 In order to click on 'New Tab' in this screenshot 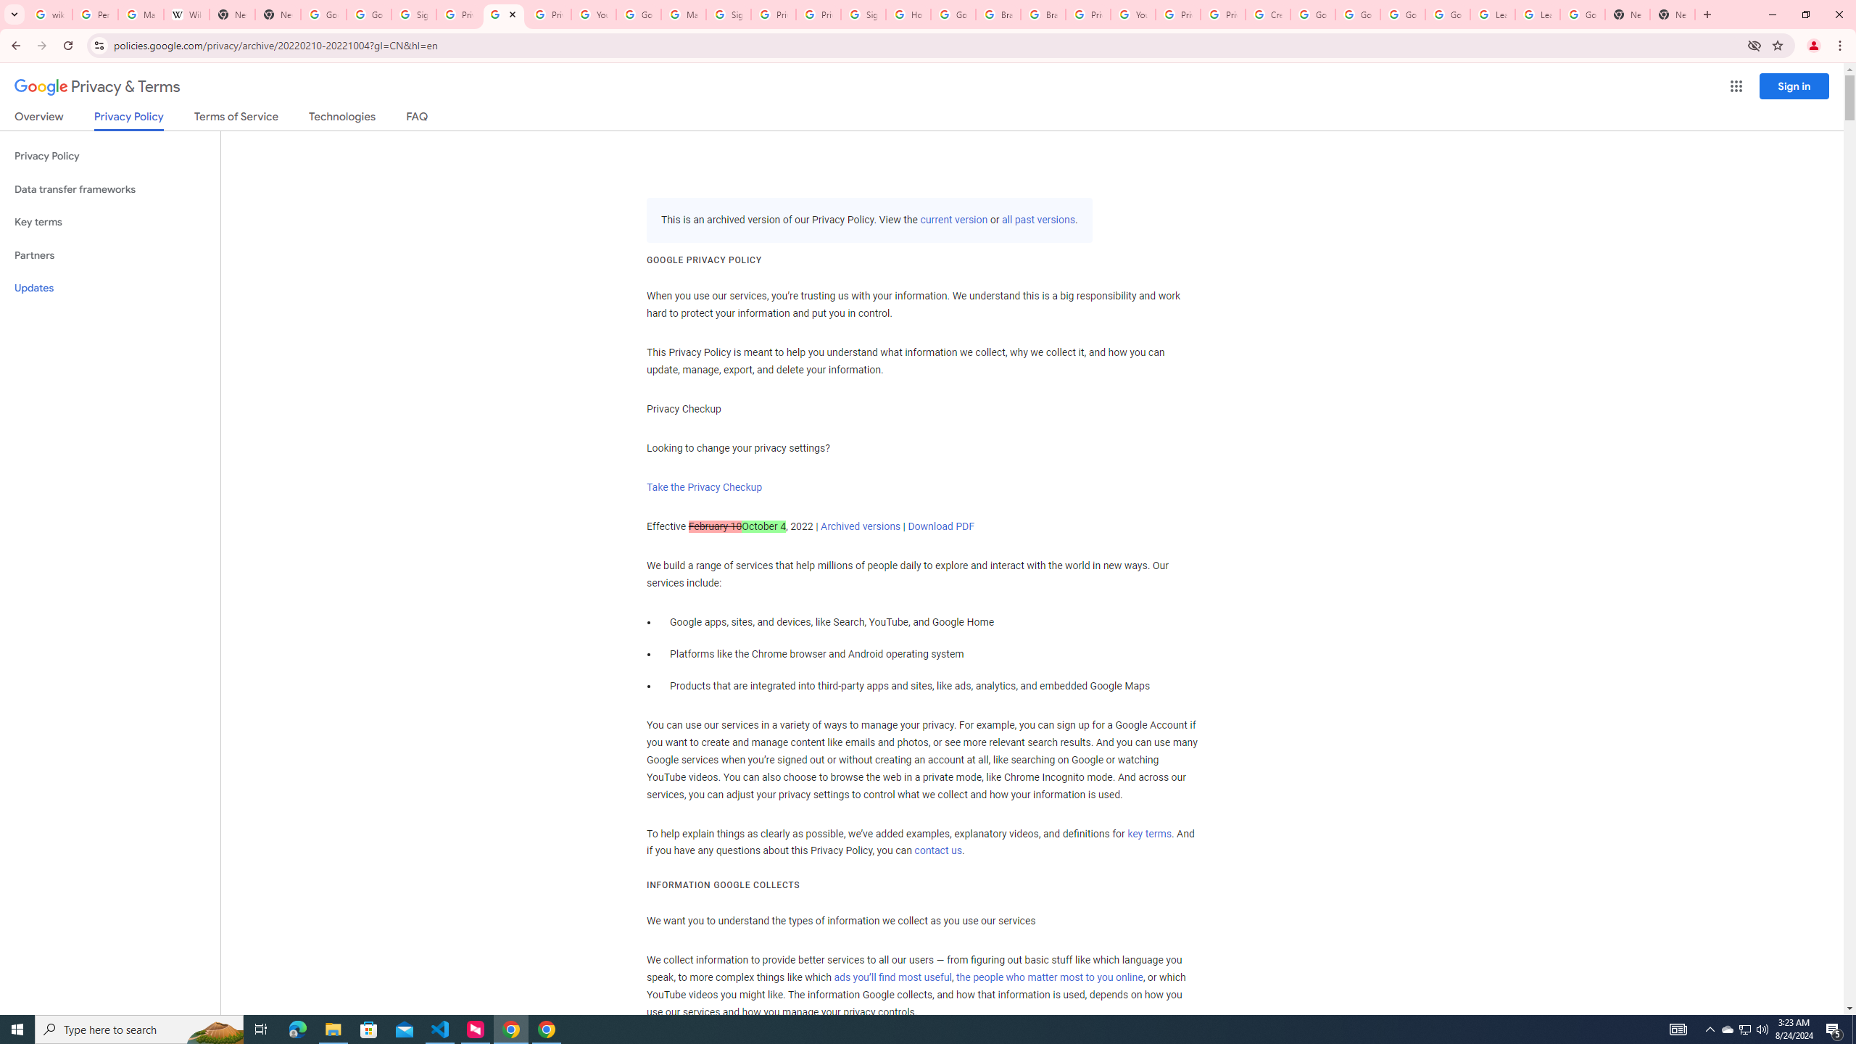, I will do `click(1628, 14)`.